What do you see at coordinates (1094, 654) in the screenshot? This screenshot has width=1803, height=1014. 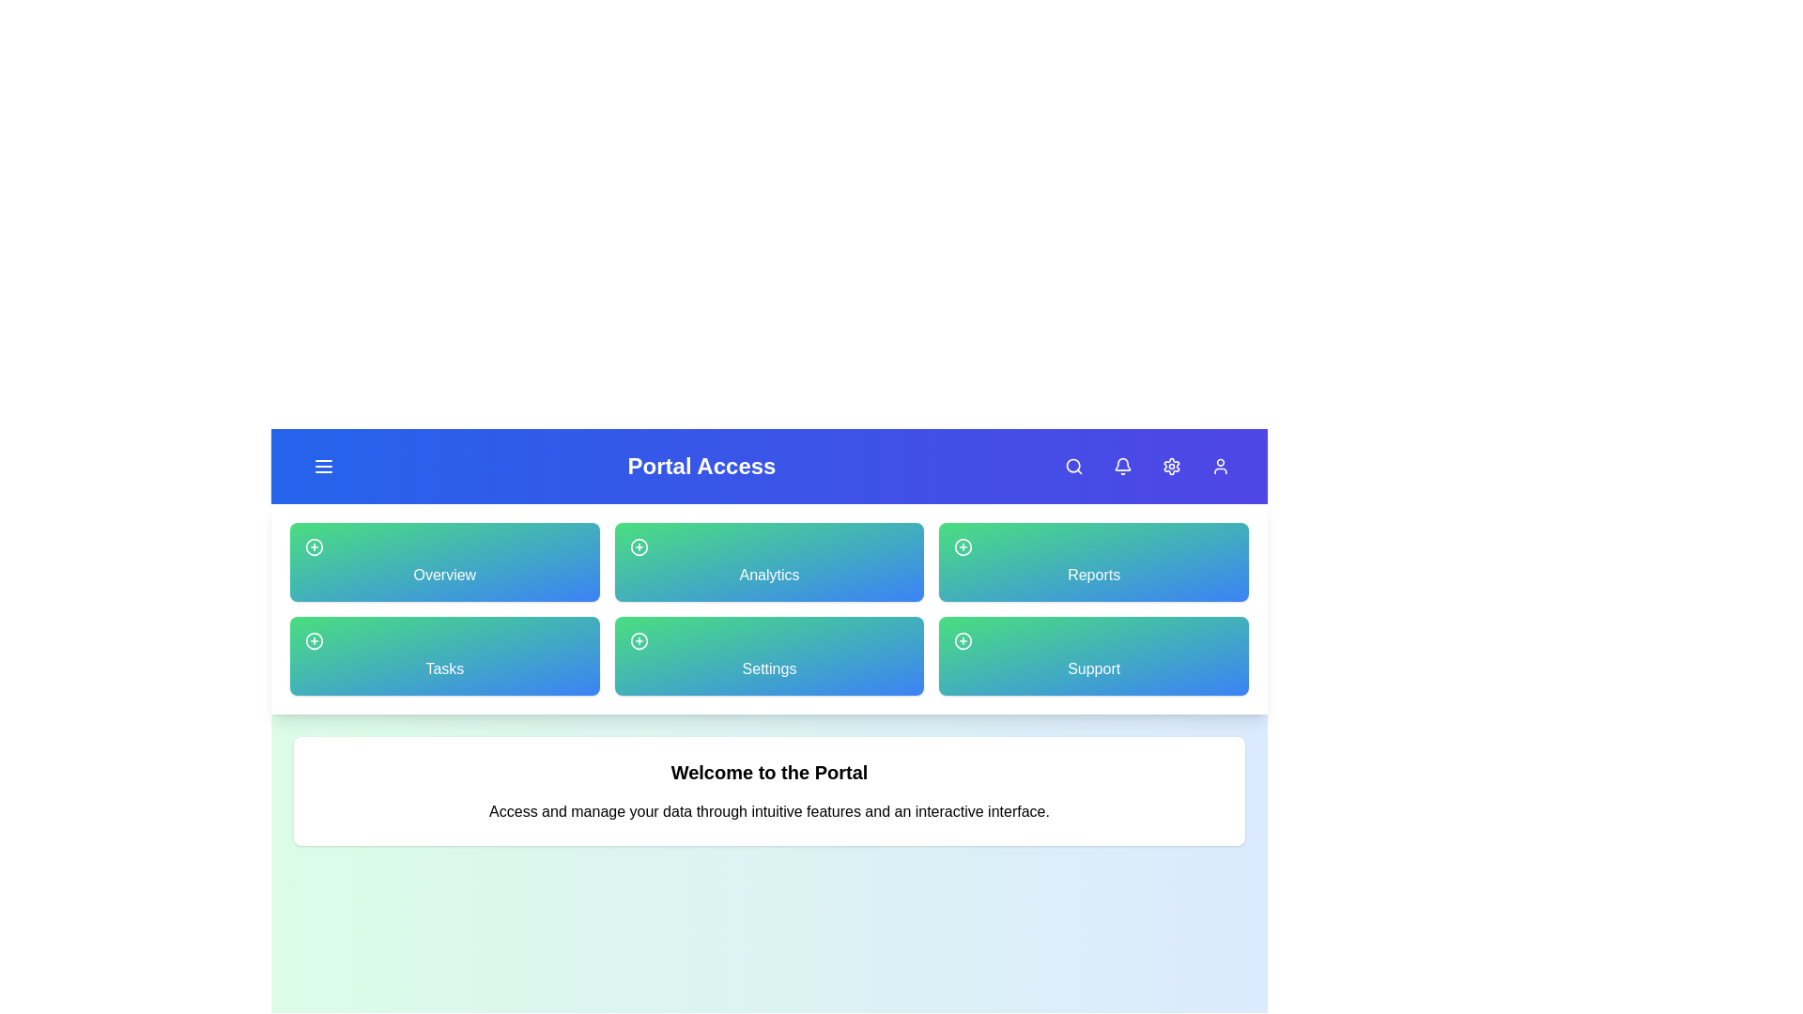 I see `'Support' card` at bounding box center [1094, 654].